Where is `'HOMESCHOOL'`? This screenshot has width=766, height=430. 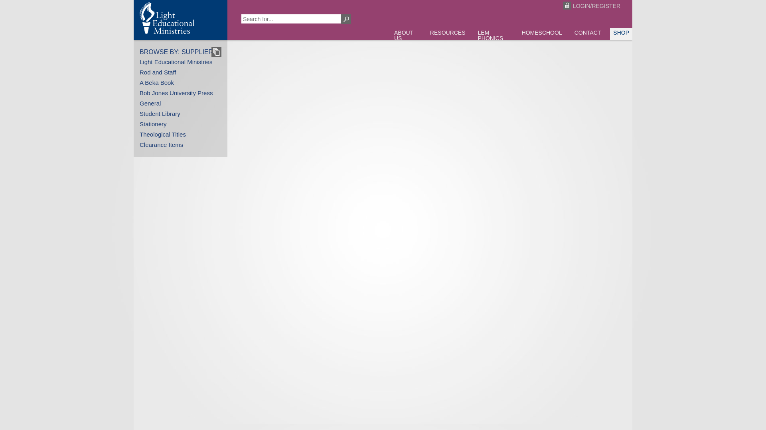
'HOMESCHOOL' is located at coordinates (542, 33).